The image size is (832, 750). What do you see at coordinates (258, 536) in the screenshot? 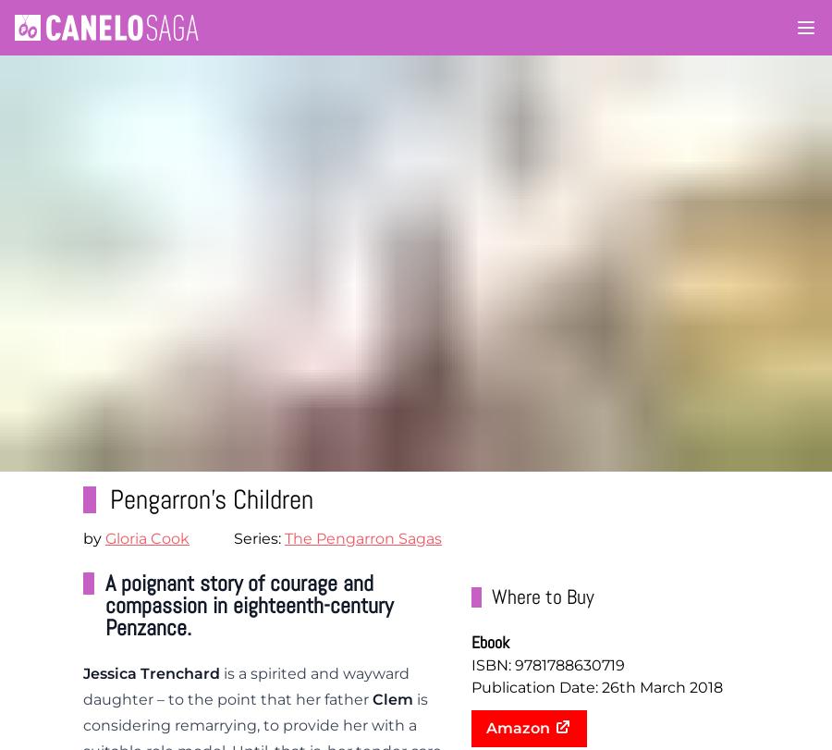
I see `'Series:'` at bounding box center [258, 536].